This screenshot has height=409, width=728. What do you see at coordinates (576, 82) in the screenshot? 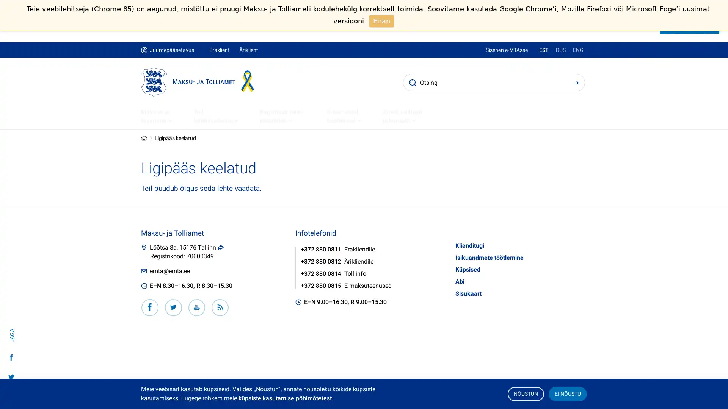
I see `Search` at bounding box center [576, 82].